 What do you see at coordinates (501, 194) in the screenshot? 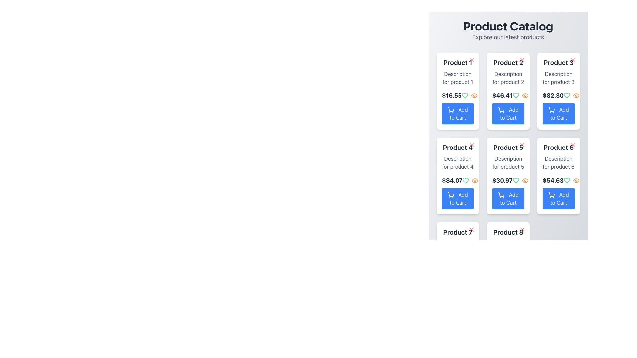
I see `the 'Add to Cart' button that contains the blue shopping cart icon for 'Product 5' in the product grid` at bounding box center [501, 194].